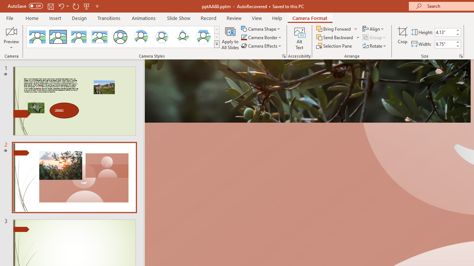  Describe the element at coordinates (299, 38) in the screenshot. I see `'Alt Text'` at that location.